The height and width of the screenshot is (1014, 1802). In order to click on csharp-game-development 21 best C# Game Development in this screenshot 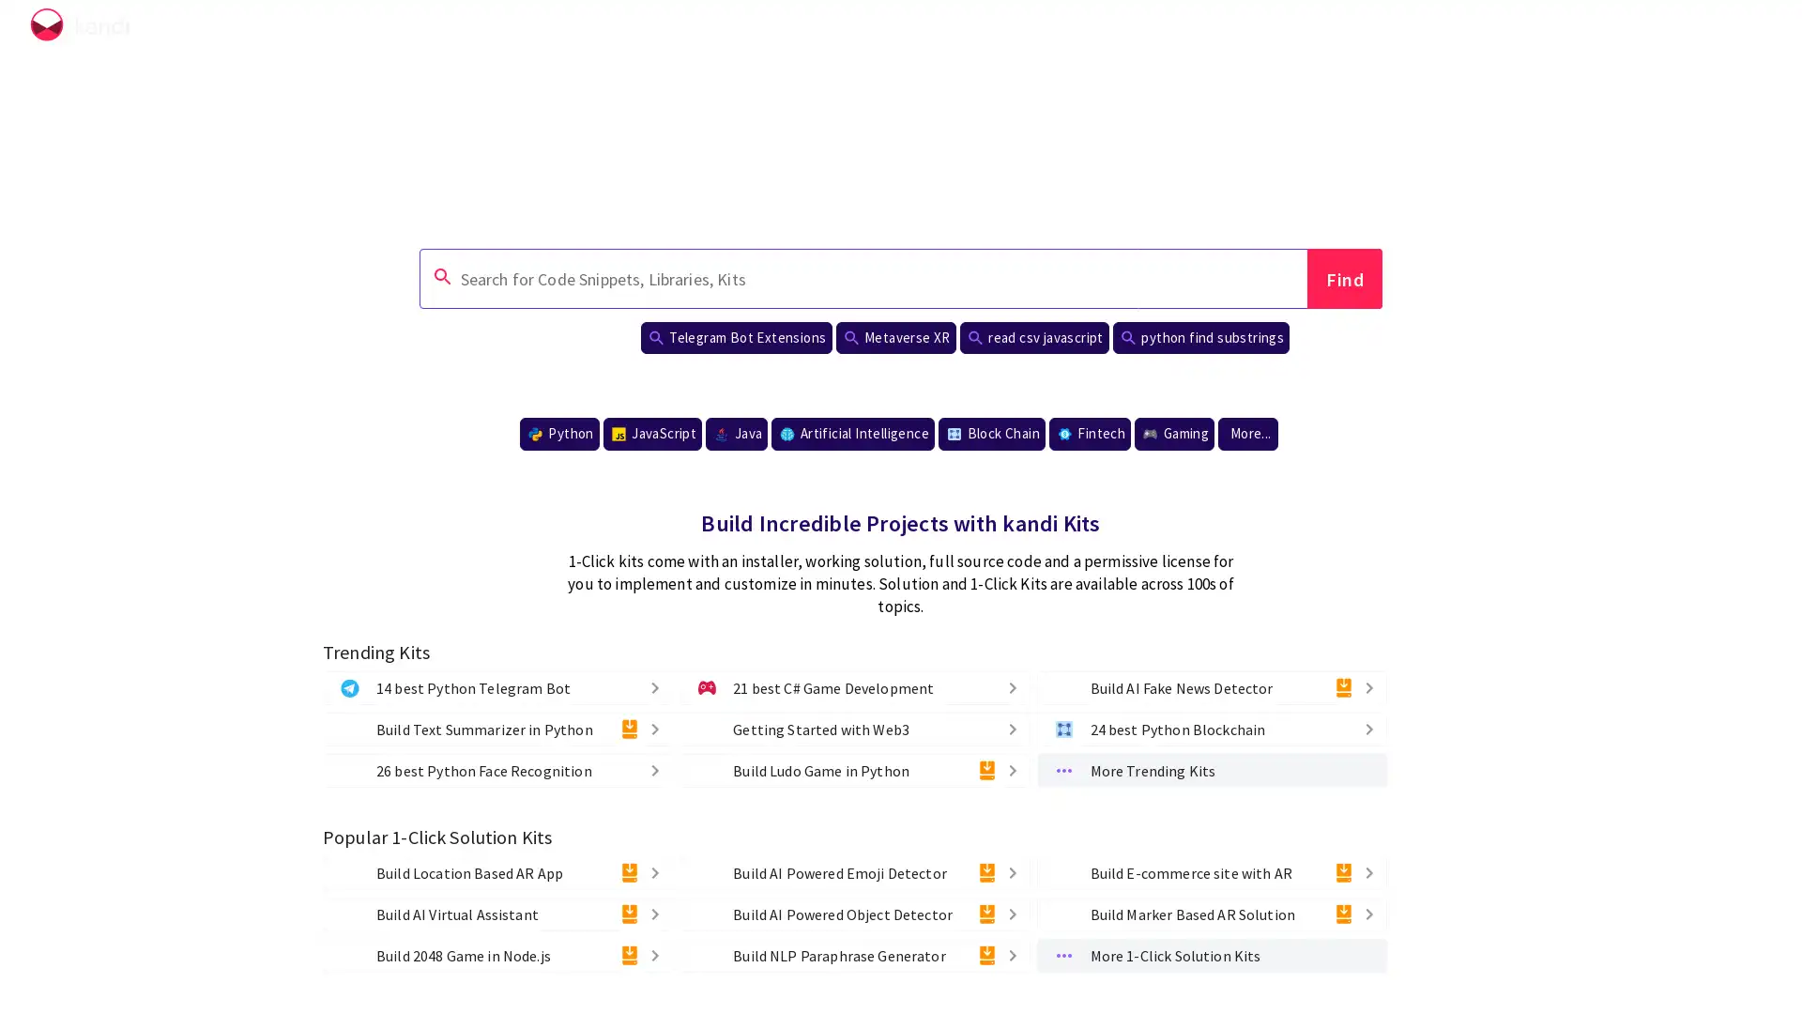, I will do `click(853, 687)`.